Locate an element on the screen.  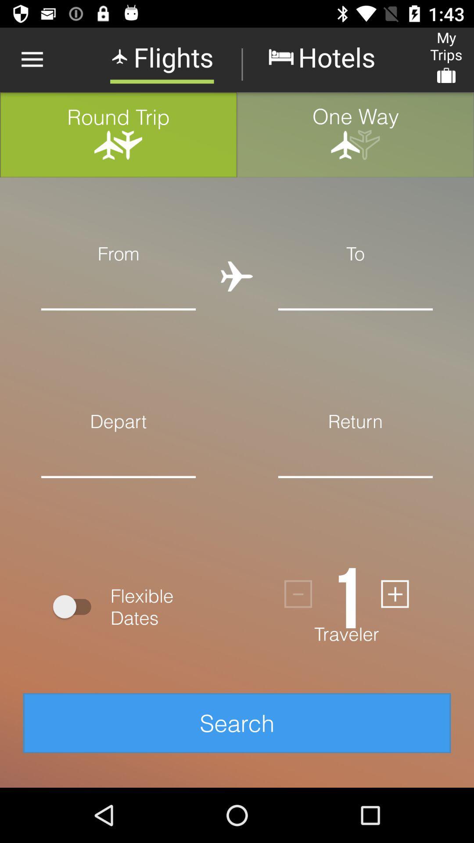
addition button is located at coordinates (394, 594).